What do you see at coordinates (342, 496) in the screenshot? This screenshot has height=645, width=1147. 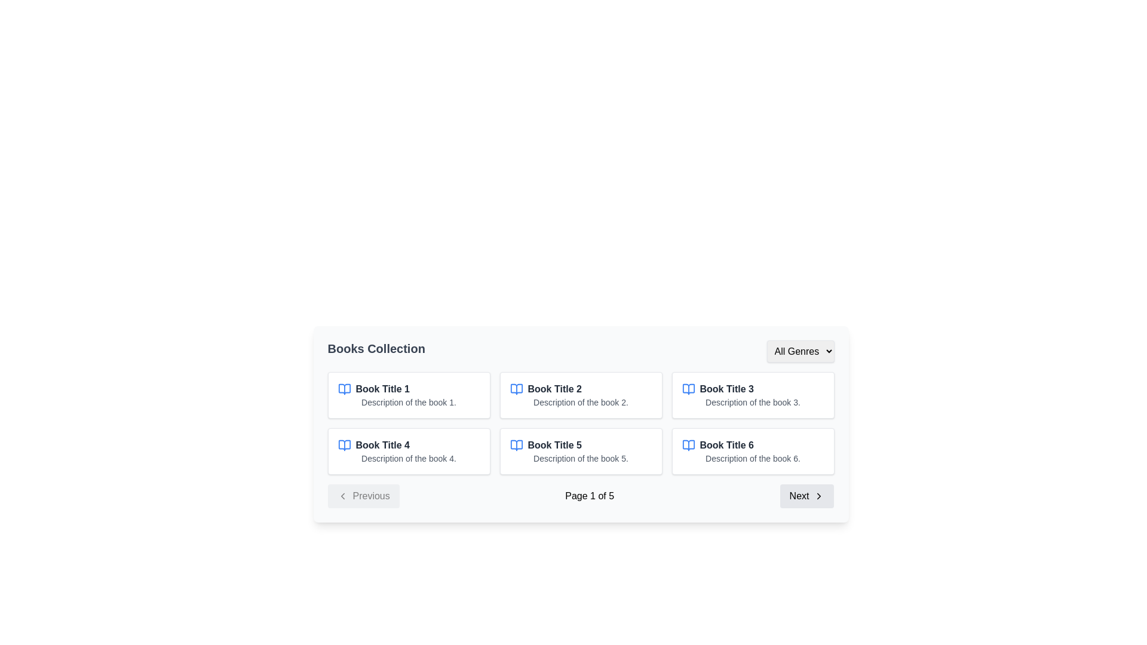 I see `the Chevron-Left icon located in the bottom-left section of the interface` at bounding box center [342, 496].